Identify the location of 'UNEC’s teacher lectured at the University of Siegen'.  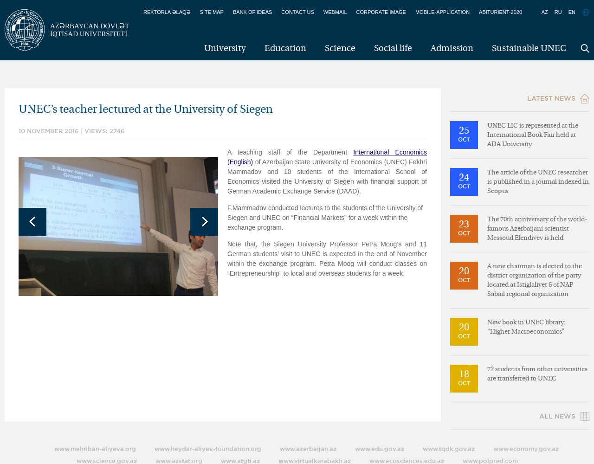
(145, 109).